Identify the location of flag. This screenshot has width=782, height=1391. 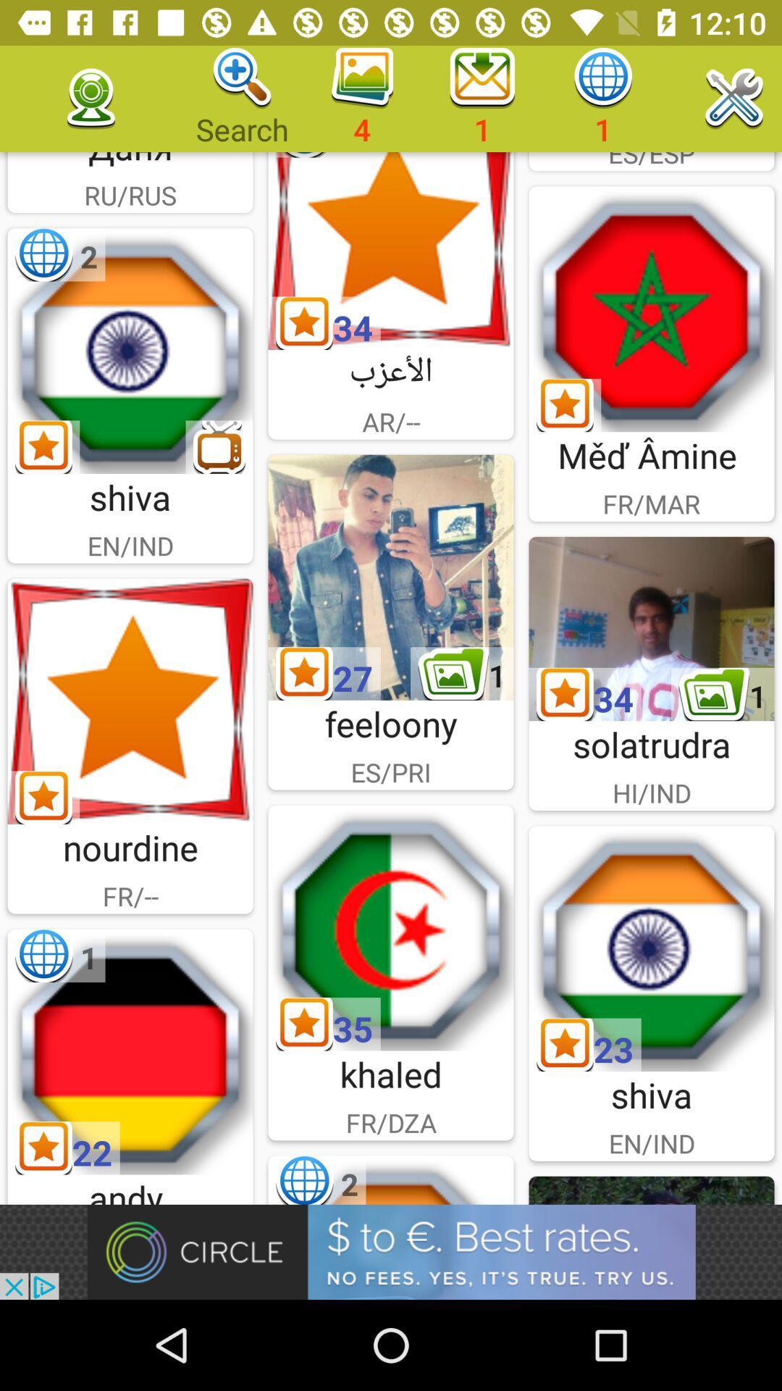
(391, 928).